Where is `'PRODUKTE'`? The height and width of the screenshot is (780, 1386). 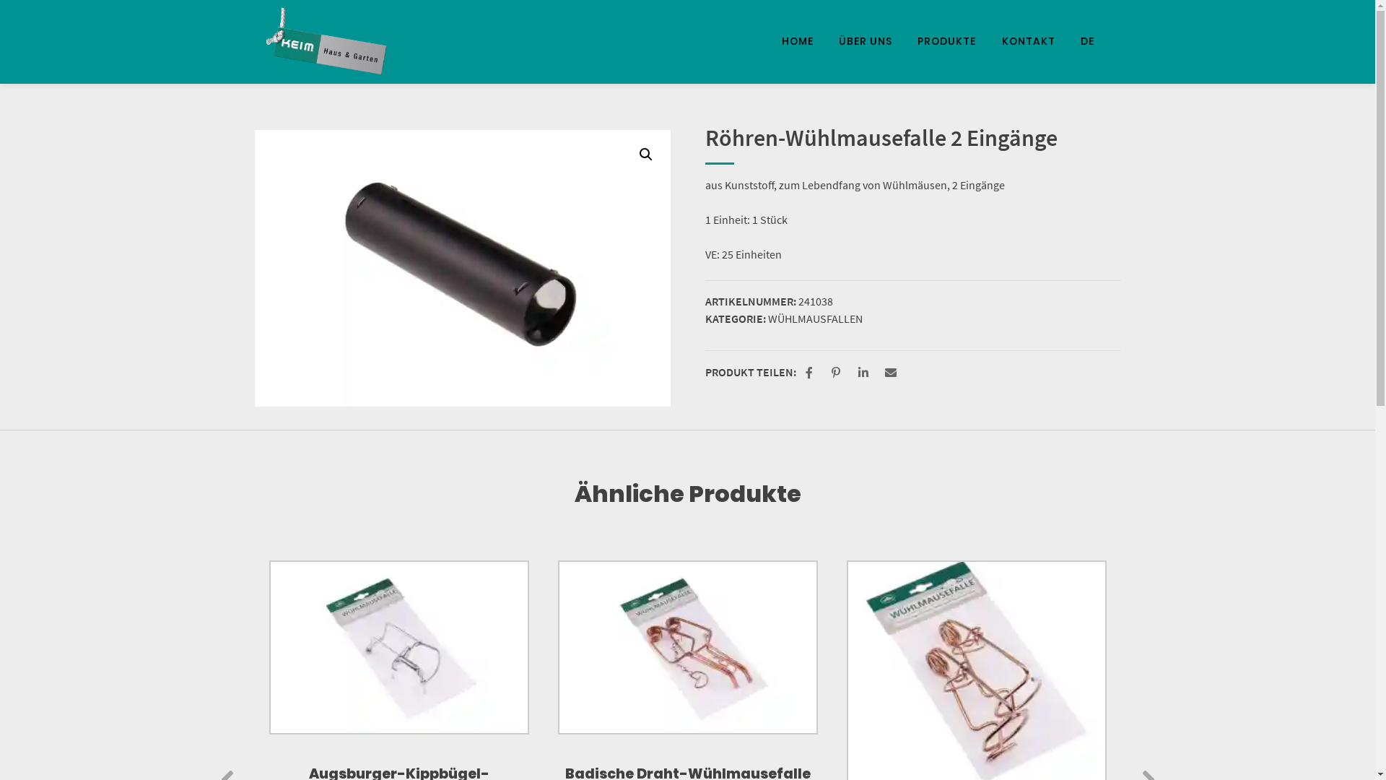 'PRODUKTE' is located at coordinates (946, 40).